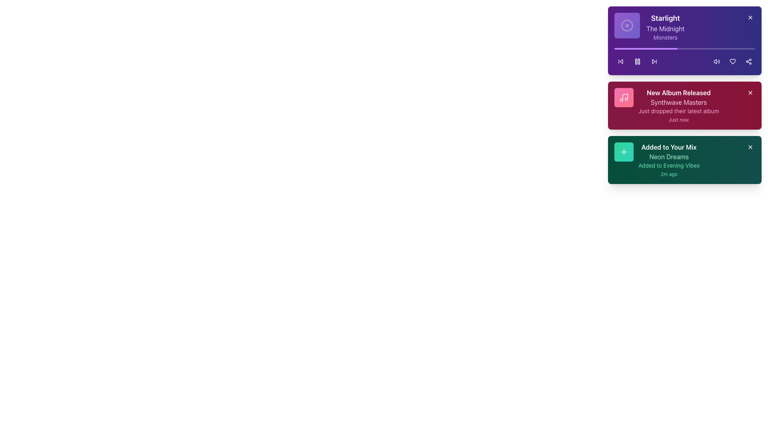  I want to click on the share button located in the top-right corner of the purple card titled 'Starlight' to share the content, so click(748, 61).